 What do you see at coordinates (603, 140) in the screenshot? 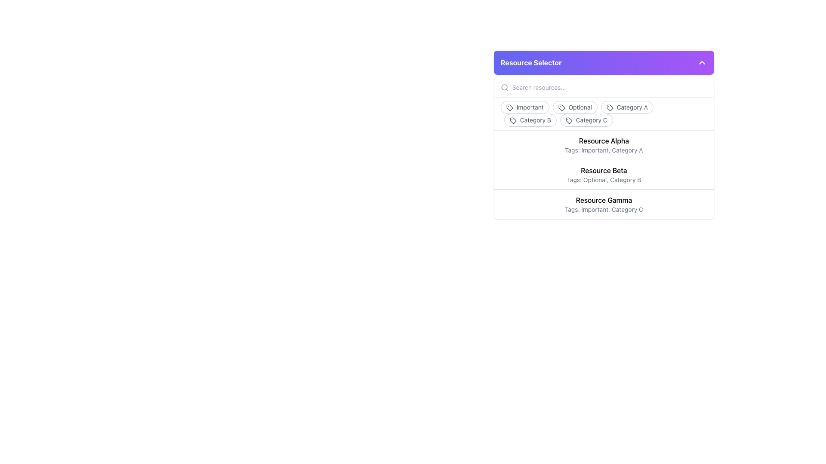
I see `the Text Label displaying 'Resource Alpha', which is located in the first entry of the 'Resource Selector' list, centered above the description of tags` at bounding box center [603, 140].